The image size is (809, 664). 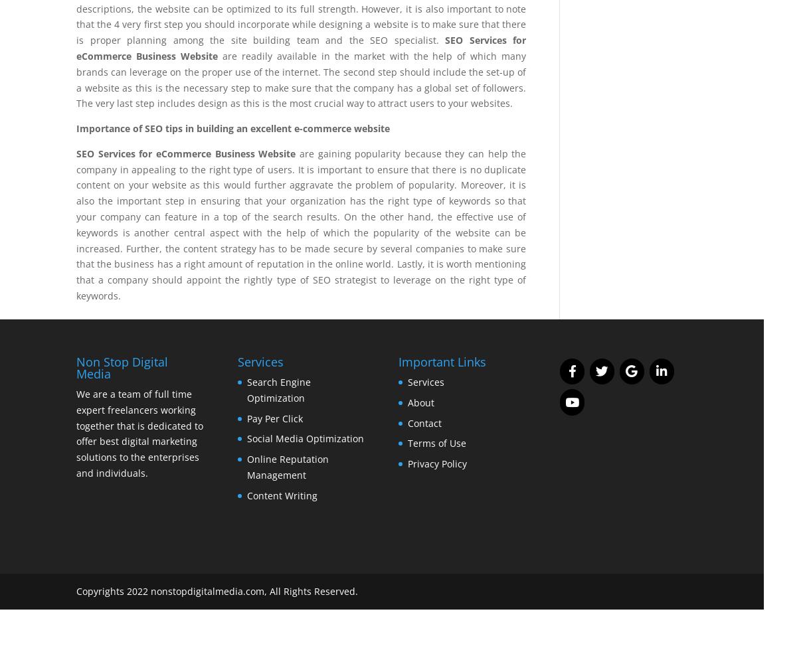 What do you see at coordinates (246, 466) in the screenshot?
I see `'Online Reputation Management'` at bounding box center [246, 466].